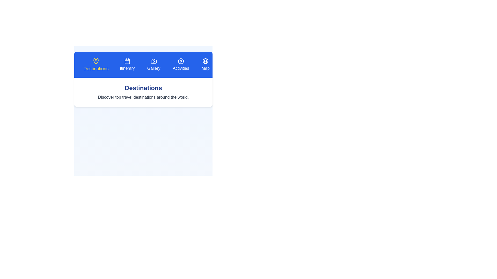 This screenshot has height=279, width=497. What do you see at coordinates (143, 92) in the screenshot?
I see `text block introducing travel destinations, located centered under the blue horizontal navigation bar` at bounding box center [143, 92].